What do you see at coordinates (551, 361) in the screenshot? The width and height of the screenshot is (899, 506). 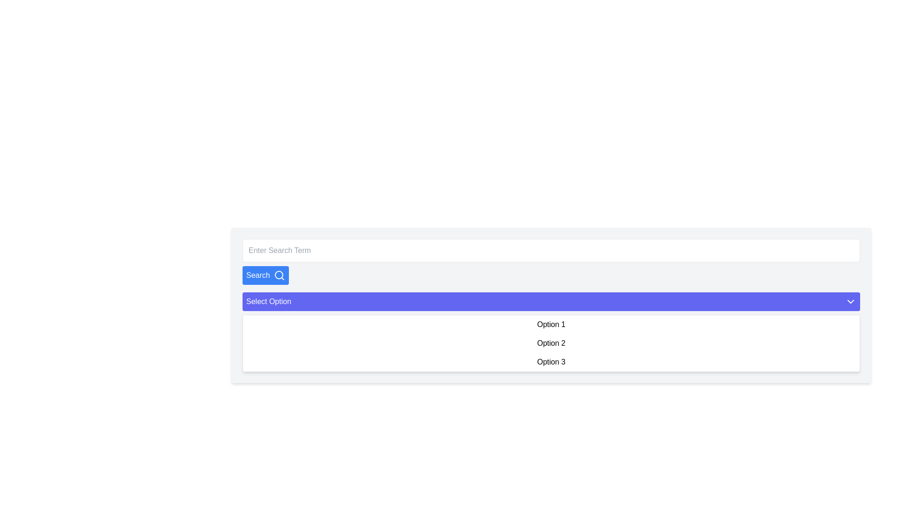 I see `the third option in the dropdown list, which is located directly below 'Option 2'` at bounding box center [551, 361].